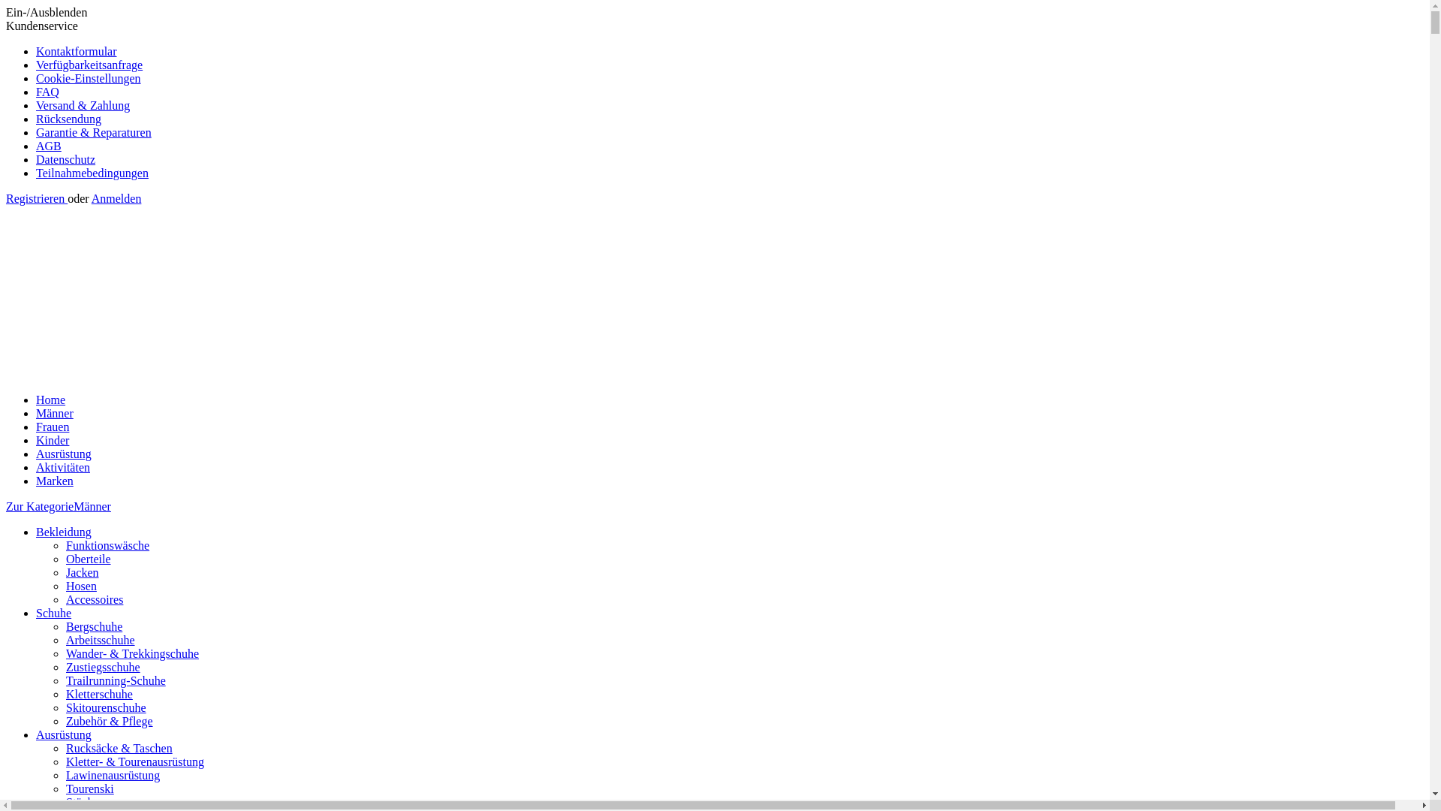 Image resolution: width=1441 pixels, height=811 pixels. Describe the element at coordinates (116, 197) in the screenshot. I see `'Anmelden'` at that location.